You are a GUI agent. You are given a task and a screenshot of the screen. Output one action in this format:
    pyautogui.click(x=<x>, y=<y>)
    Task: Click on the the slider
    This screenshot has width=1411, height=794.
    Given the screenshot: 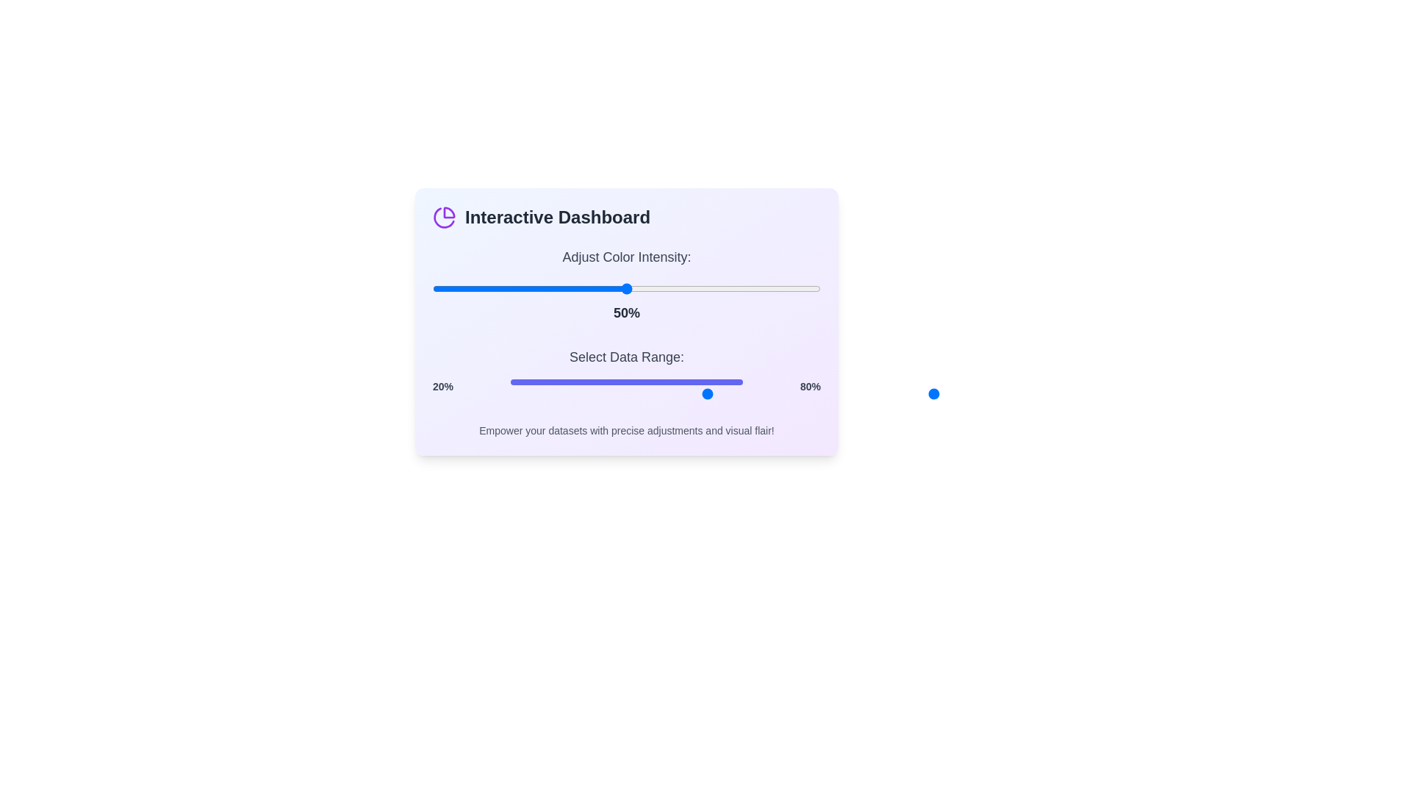 What is the action you would take?
    pyautogui.click(x=664, y=393)
    